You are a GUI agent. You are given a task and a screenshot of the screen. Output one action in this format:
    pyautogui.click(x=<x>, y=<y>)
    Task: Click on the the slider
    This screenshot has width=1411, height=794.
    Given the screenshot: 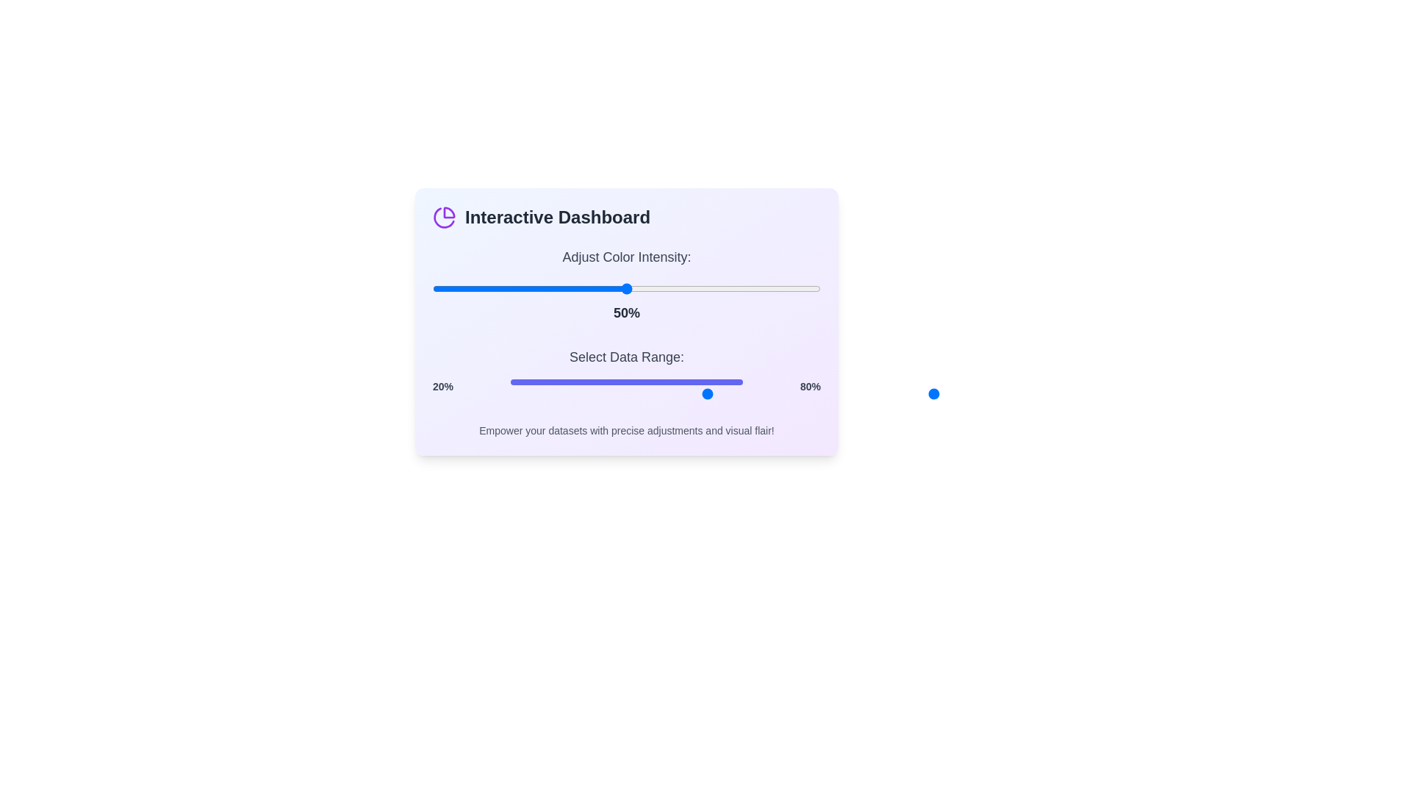 What is the action you would take?
    pyautogui.click(x=664, y=393)
    